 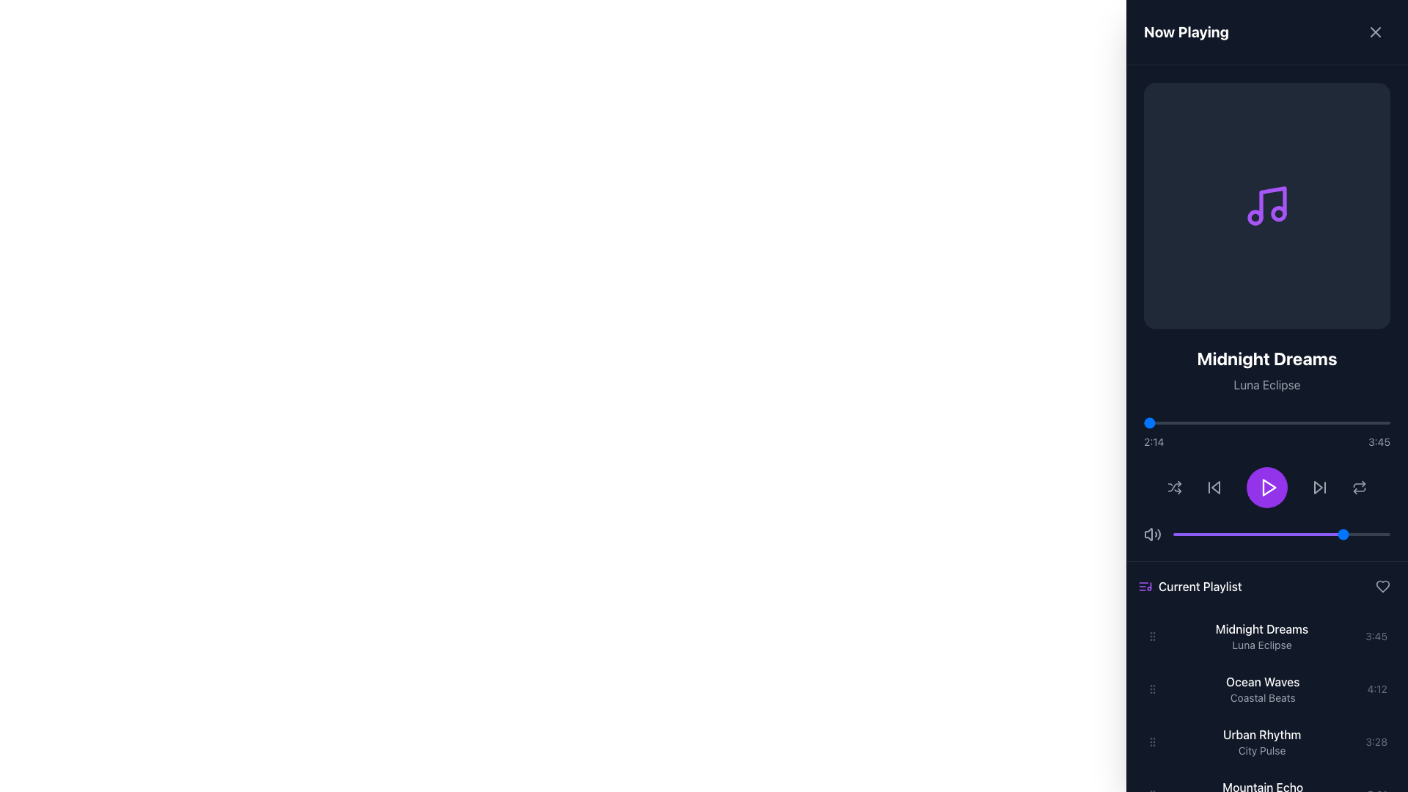 I want to click on the text display element showing the title 'Midnight Dreams' and subtitle 'Luna Eclipse', so click(x=1261, y=635).